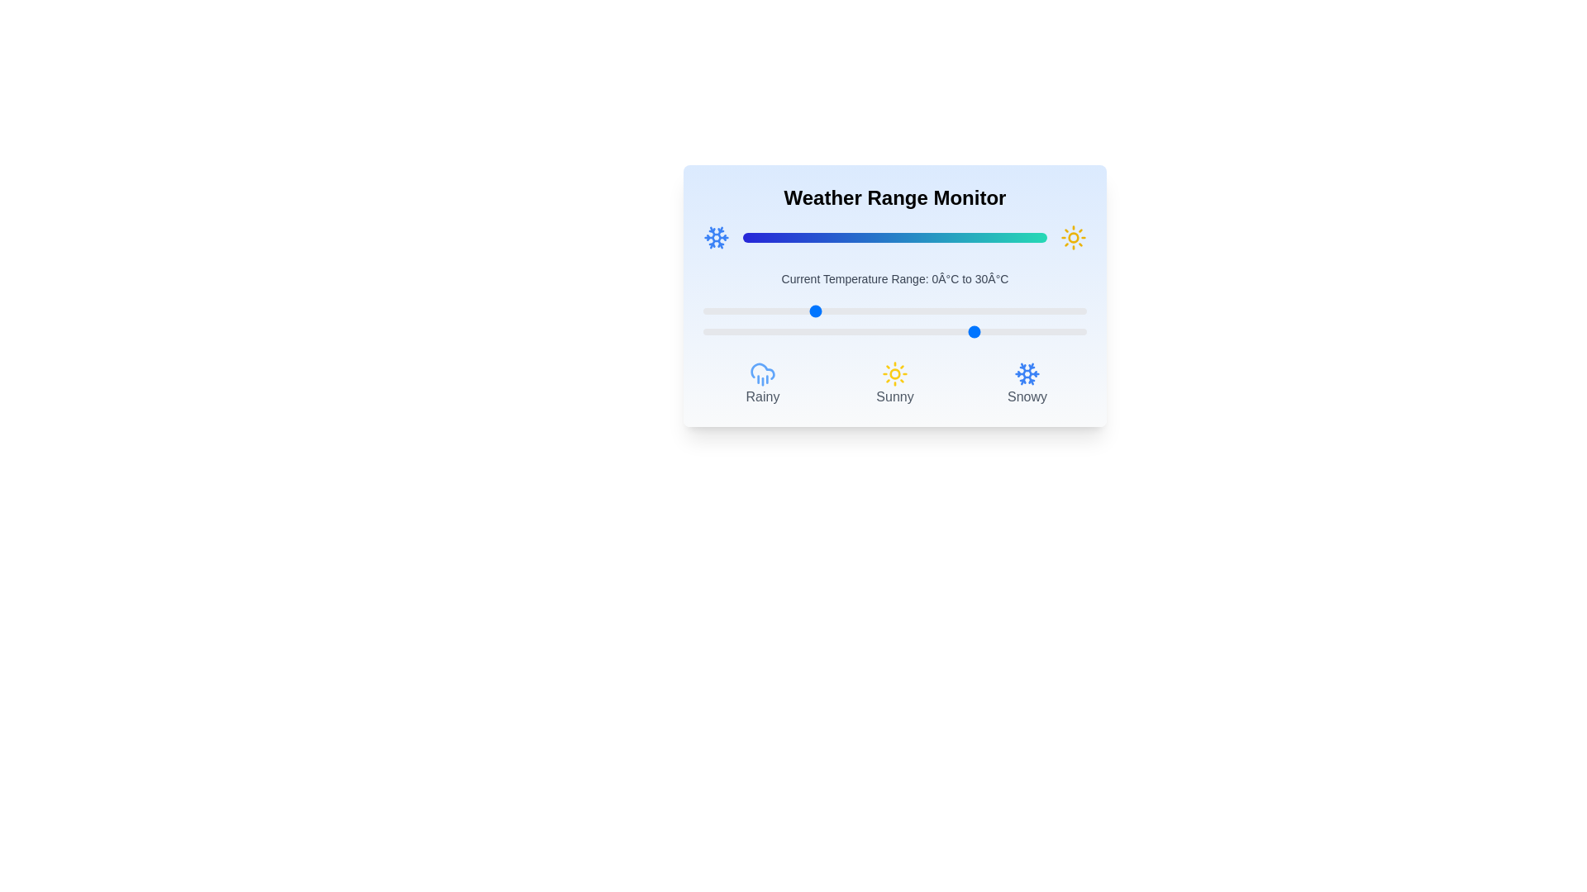  What do you see at coordinates (894, 331) in the screenshot?
I see `and drag the blue circular handle of the range slider labeled 'Current Temperature Range: 0°C to 30°C' to adjust its value` at bounding box center [894, 331].